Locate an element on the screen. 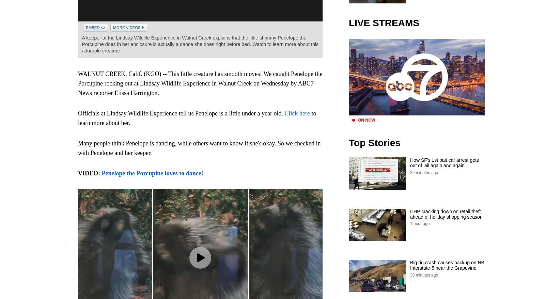 This screenshot has width=545, height=299. 'Big rig crash causes backup on NB Interstate-5 near the Grapevine' is located at coordinates (410, 265).